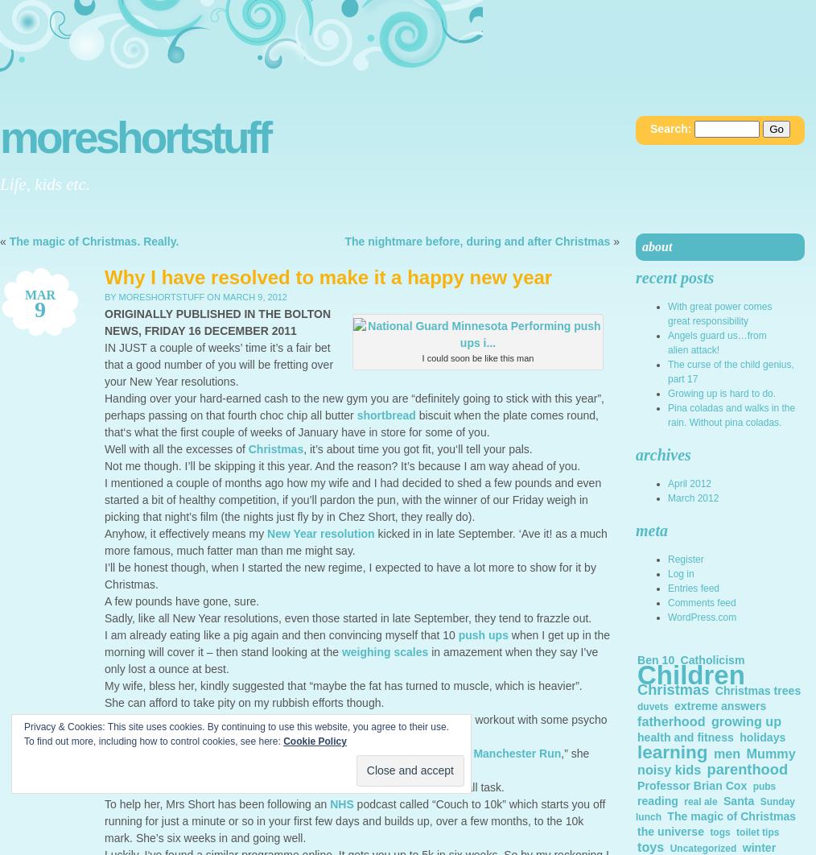 This screenshot has width=816, height=855. I want to click on 'Privacy & Cookies: This site uses cookies. By continuing to use this website, you agree to their use.', so click(236, 726).